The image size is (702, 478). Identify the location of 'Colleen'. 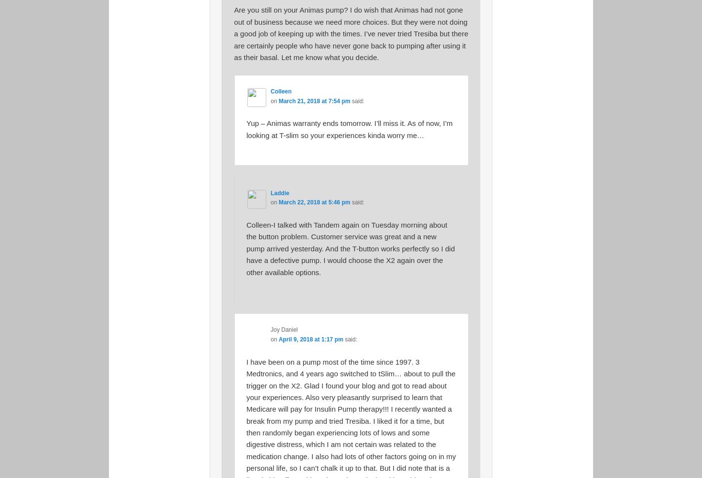
(270, 91).